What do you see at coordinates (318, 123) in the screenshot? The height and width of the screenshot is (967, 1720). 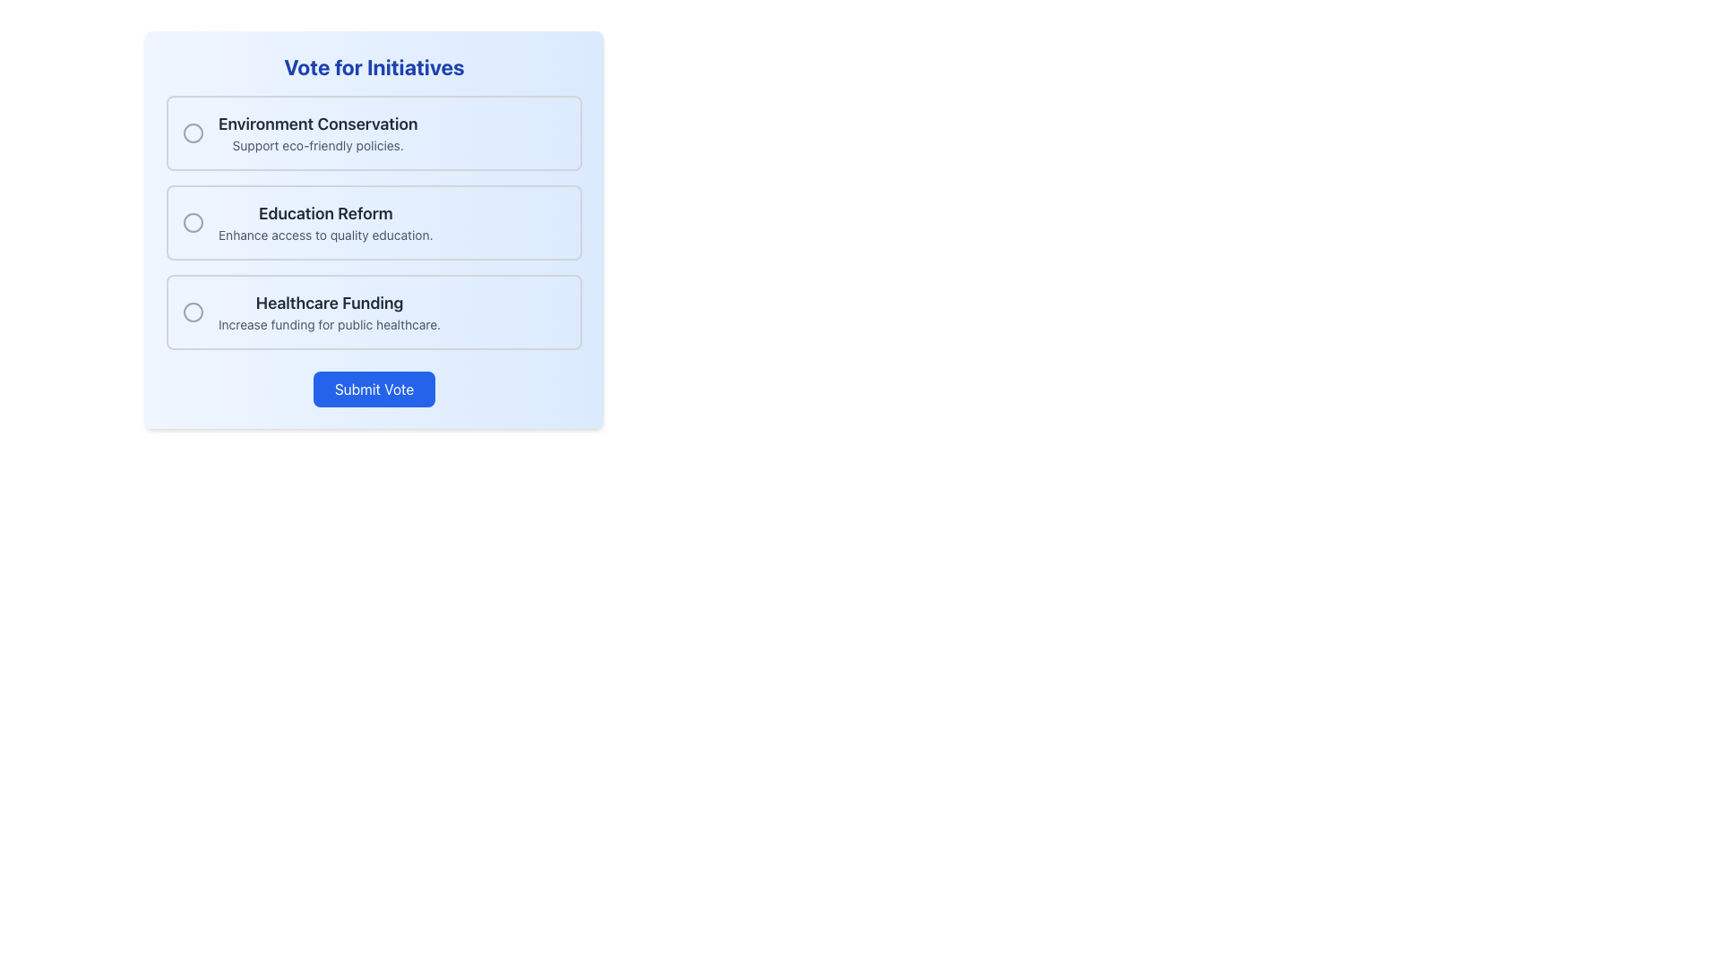 I see `the Text Label that serves as the header for 'Environment Conservation', located at the top of the options list` at bounding box center [318, 123].